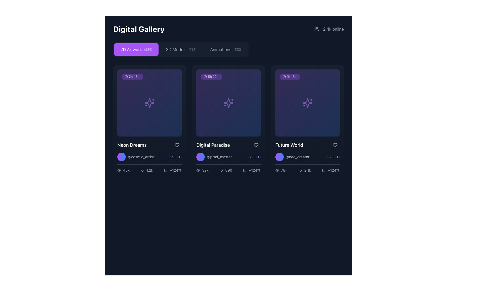 The width and height of the screenshot is (504, 283). What do you see at coordinates (251, 170) in the screenshot?
I see `text content of the percentage increase label located in the bottom-right area of the 'Digital Paradise' card on the third row, following the '890' text and heart icon` at bounding box center [251, 170].